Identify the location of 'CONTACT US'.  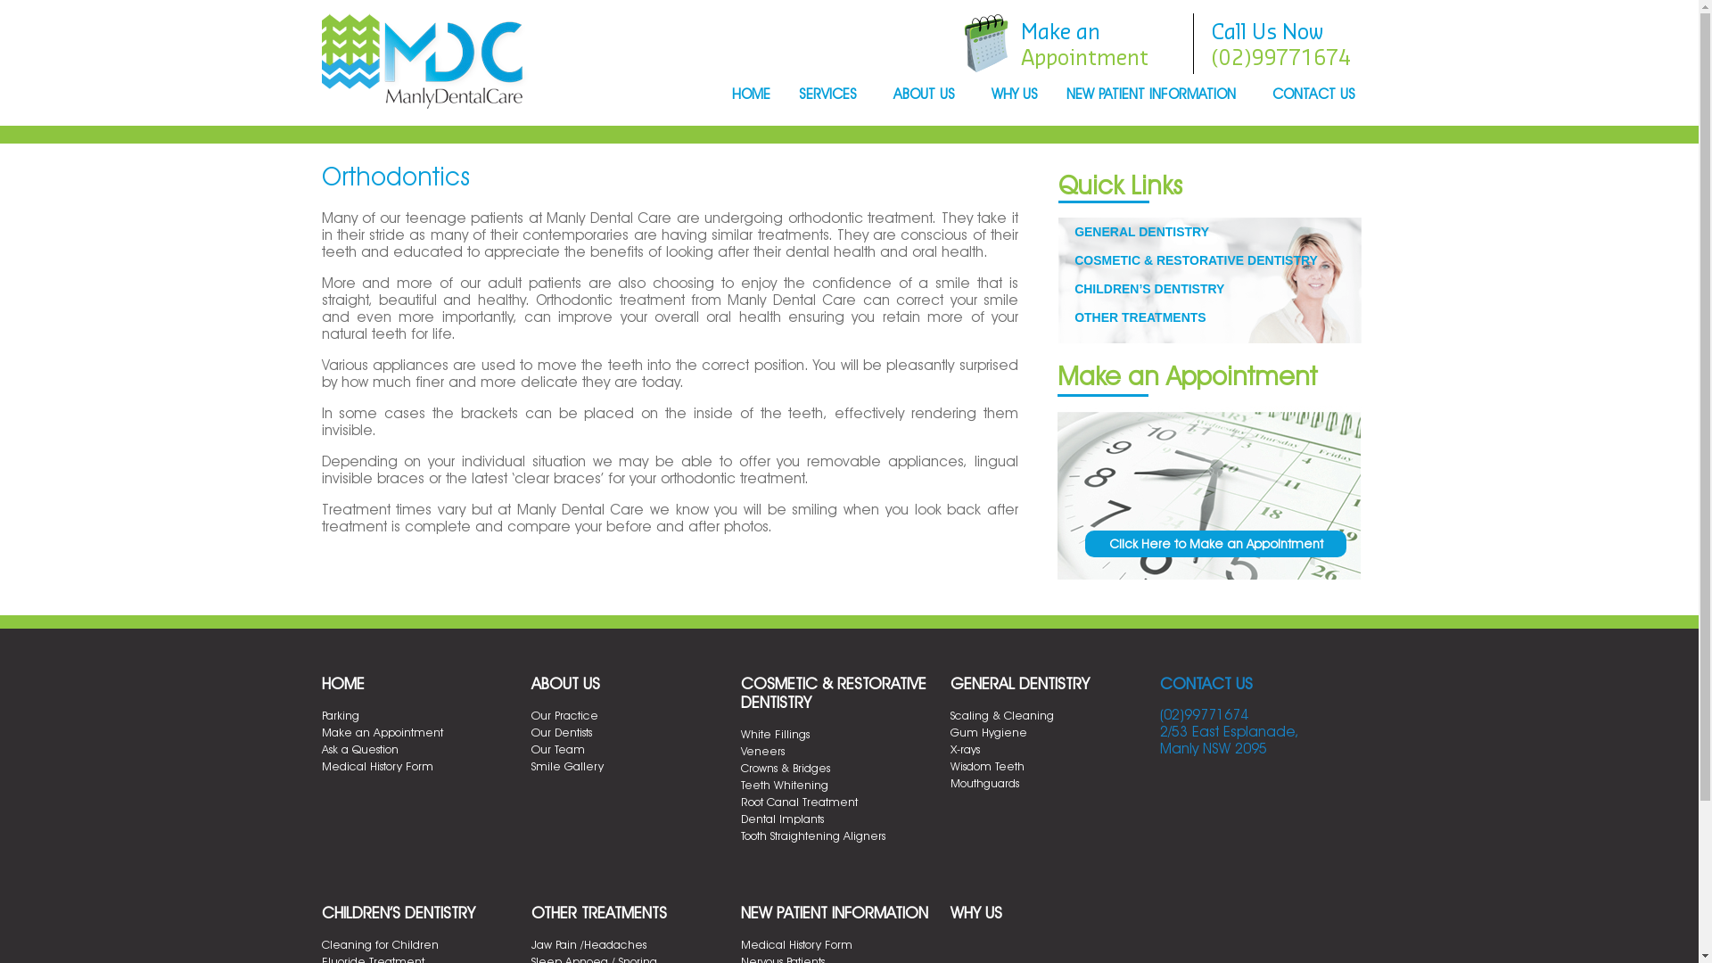
(1206, 682).